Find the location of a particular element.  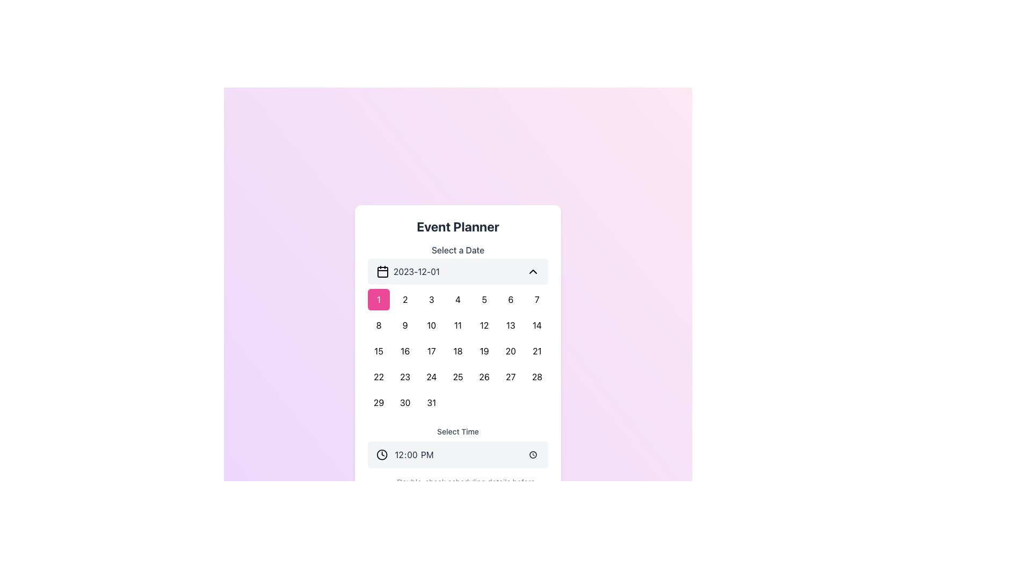

the clickable date button for '20' in the calendar layout is located at coordinates (510, 351).